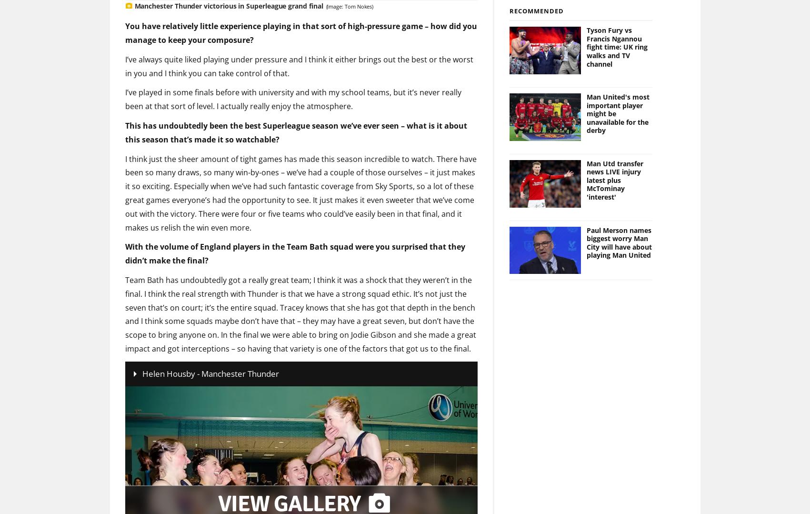  What do you see at coordinates (587, 164) in the screenshot?
I see `'Man Utd transfer news LIVE injury latest plus McTominay 'interest''` at bounding box center [587, 164].